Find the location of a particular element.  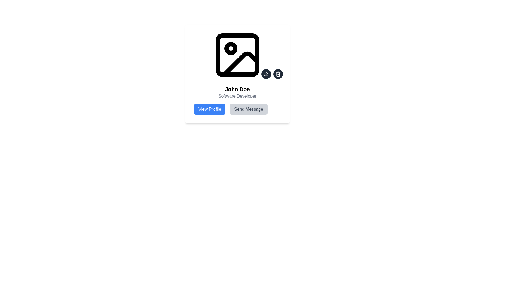

the edit button located in the bottom-right section of the visual profile card to initiate an edit action is located at coordinates (266, 74).